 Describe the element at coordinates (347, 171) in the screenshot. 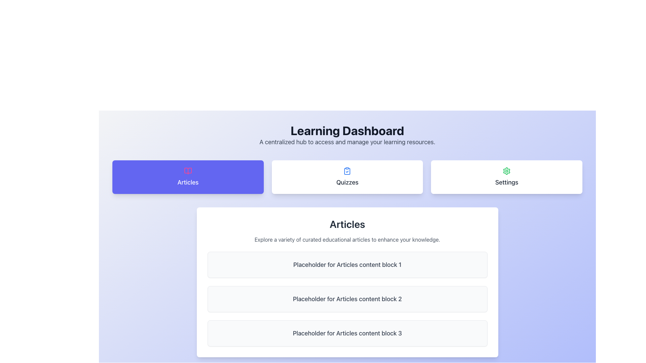

I see `the 'Quizzes' icon located at the center of the button` at that location.